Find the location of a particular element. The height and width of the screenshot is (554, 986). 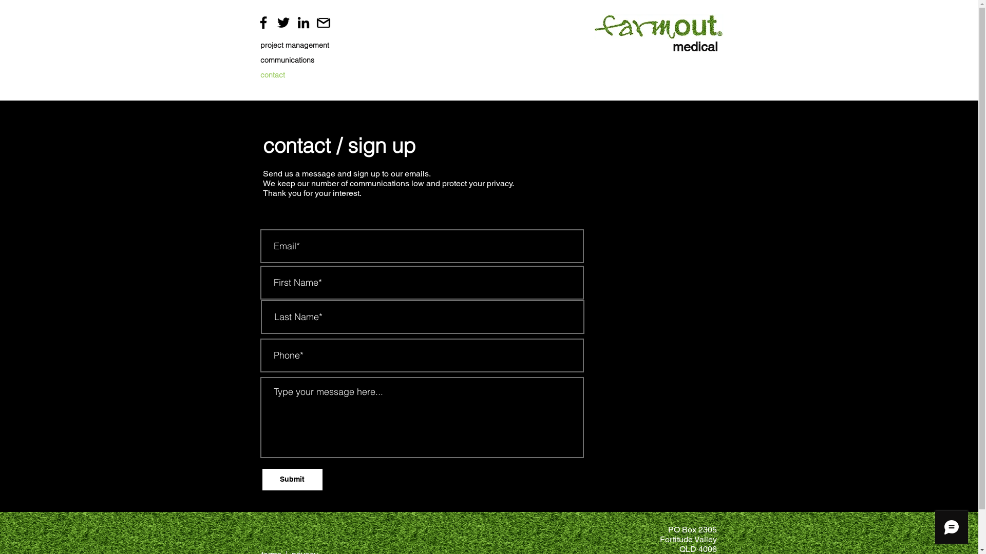

'project management' is located at coordinates (259, 45).